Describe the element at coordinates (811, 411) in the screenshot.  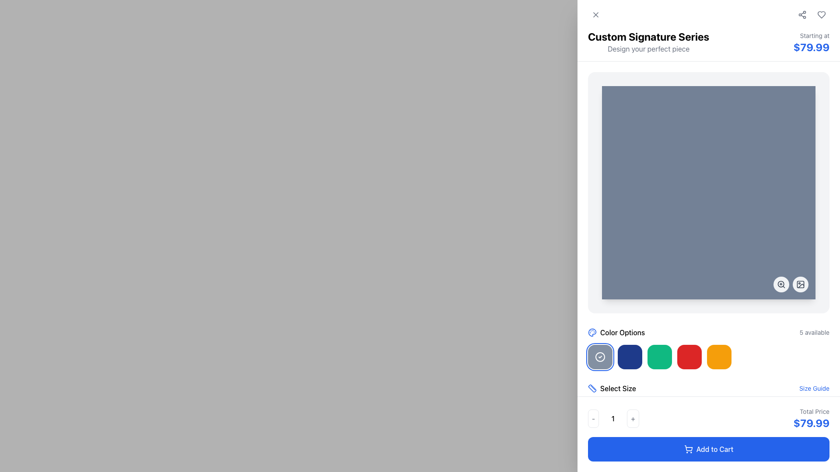
I see `the Text Label that describes the price value displayed below it, indicating the meaning of the numeric amount, positioned above the price '$79.99' in the bottom-right corner of the layout` at that location.